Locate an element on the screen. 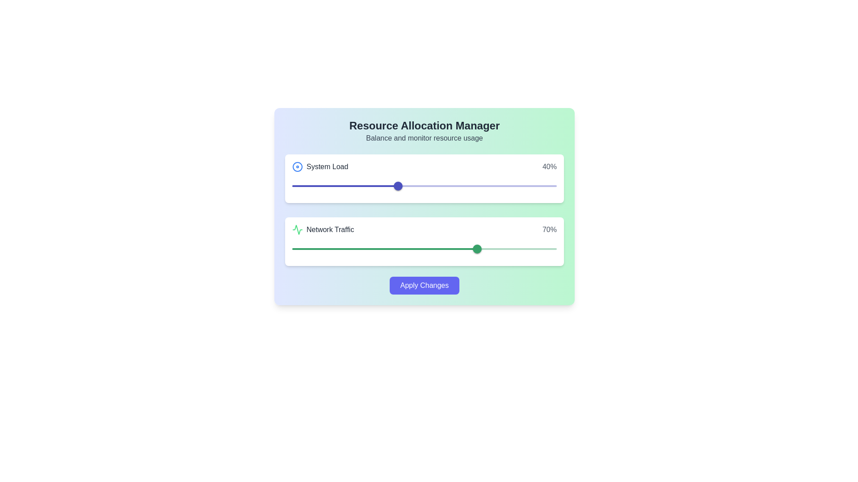 This screenshot has width=858, height=482. the slider value is located at coordinates (485, 249).